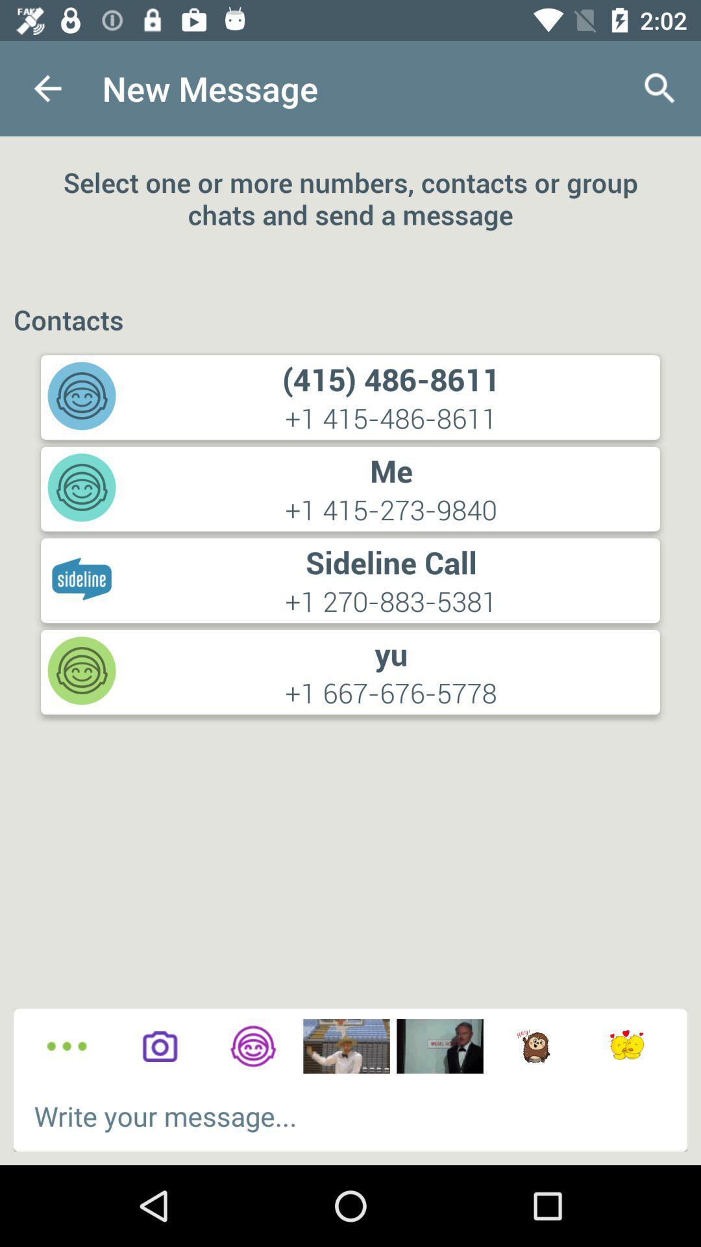 This screenshot has height=1247, width=701. What do you see at coordinates (159, 1046) in the screenshot?
I see `camera` at bounding box center [159, 1046].